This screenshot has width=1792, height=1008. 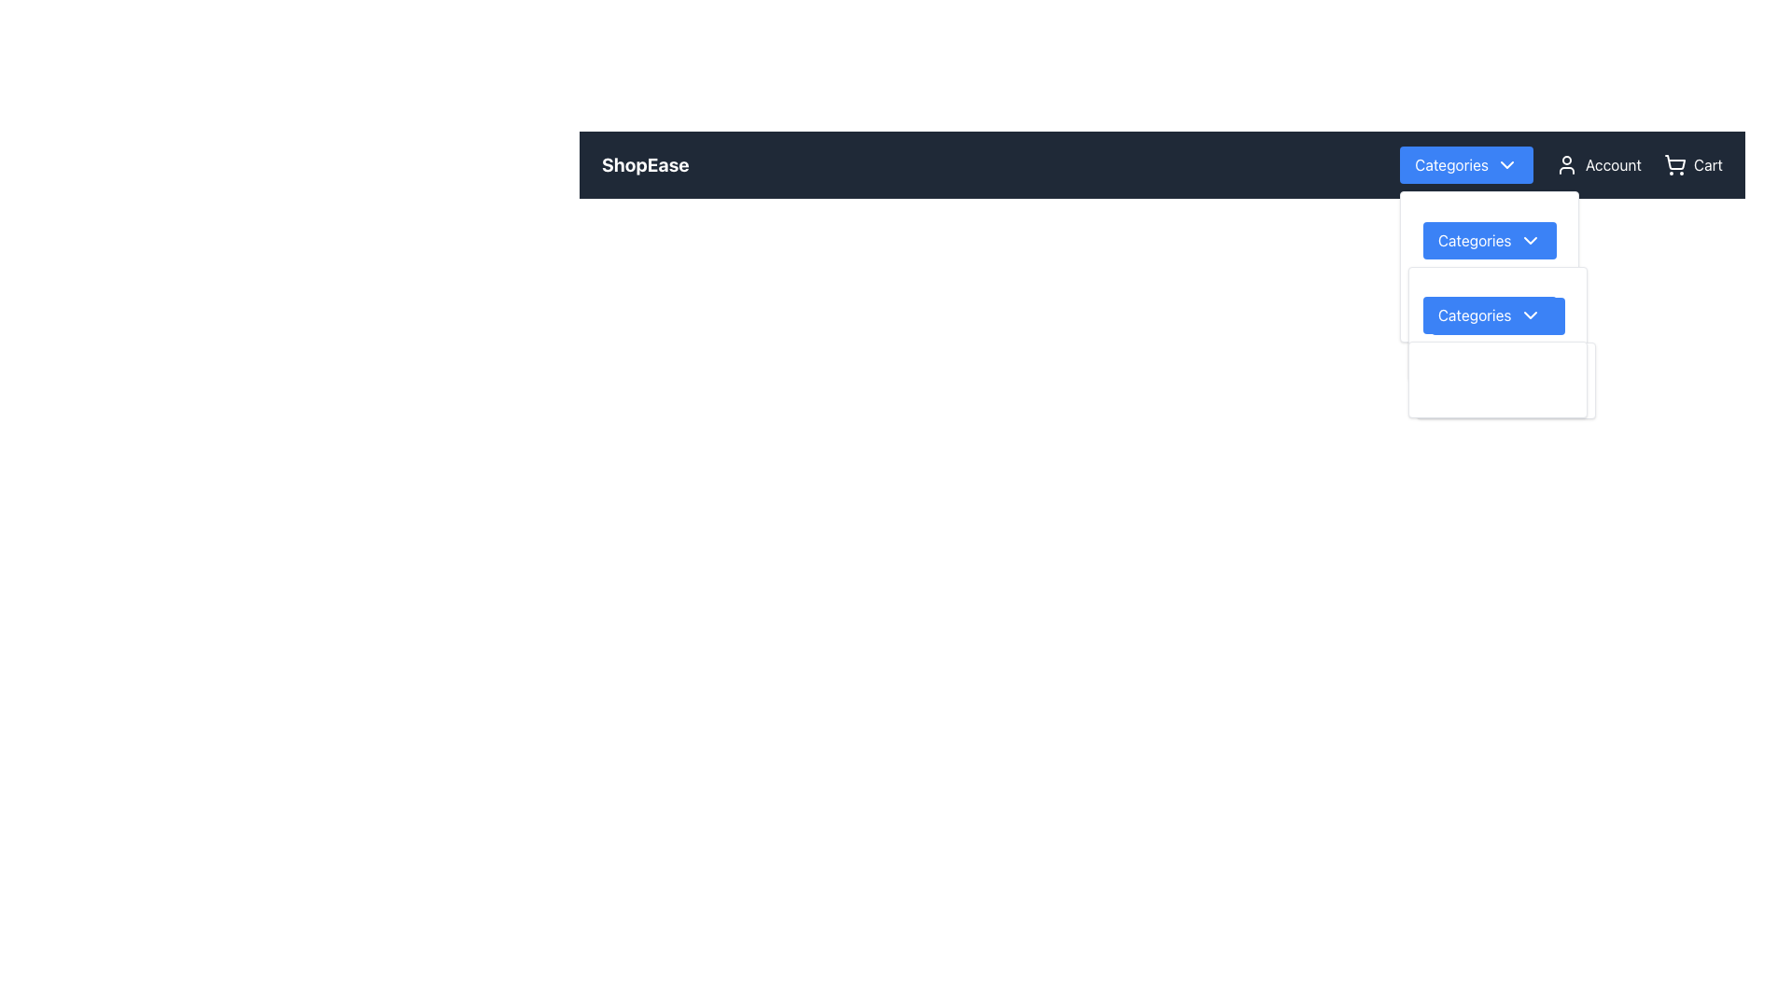 I want to click on the 'Categories' dropdown menu item, which has a blue background and white text, so click(x=1489, y=229).